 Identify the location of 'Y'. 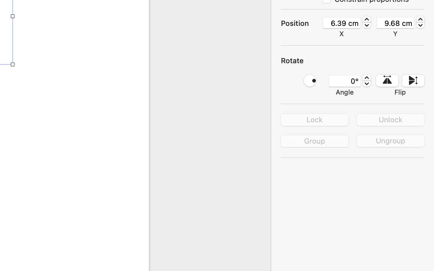
(395, 33).